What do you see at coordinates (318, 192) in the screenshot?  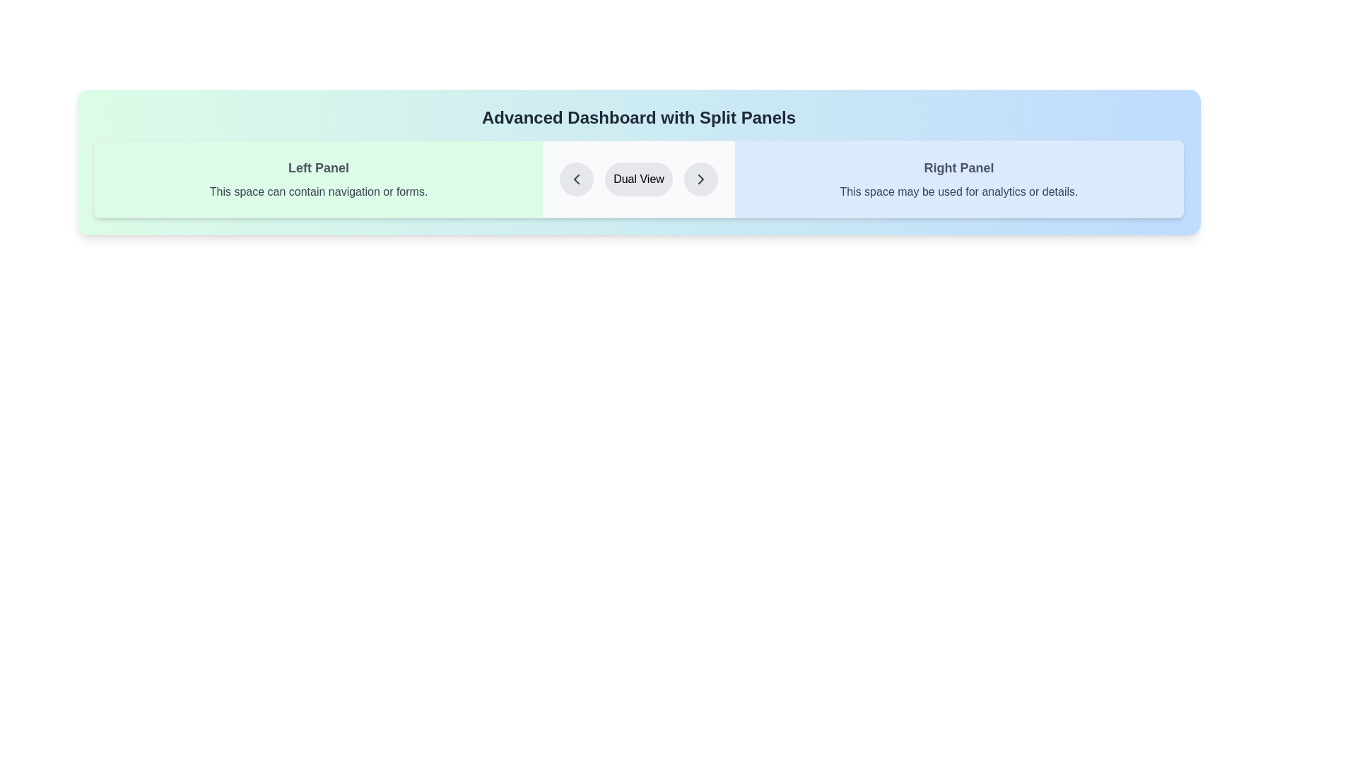 I see `the static text element displaying 'This space can contain navigation or forms.' located below the 'Left Panel' text in the green-shaded panel` at bounding box center [318, 192].